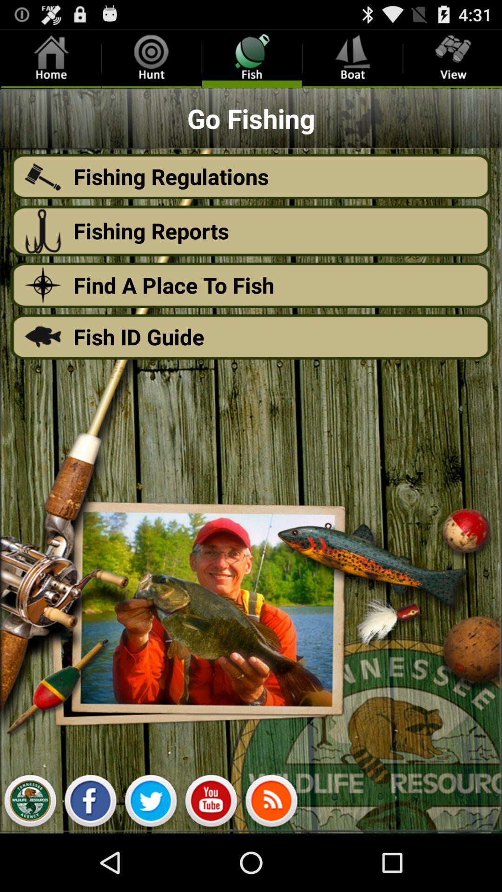 This screenshot has height=892, width=502. I want to click on wildlife agency website, so click(29, 803).